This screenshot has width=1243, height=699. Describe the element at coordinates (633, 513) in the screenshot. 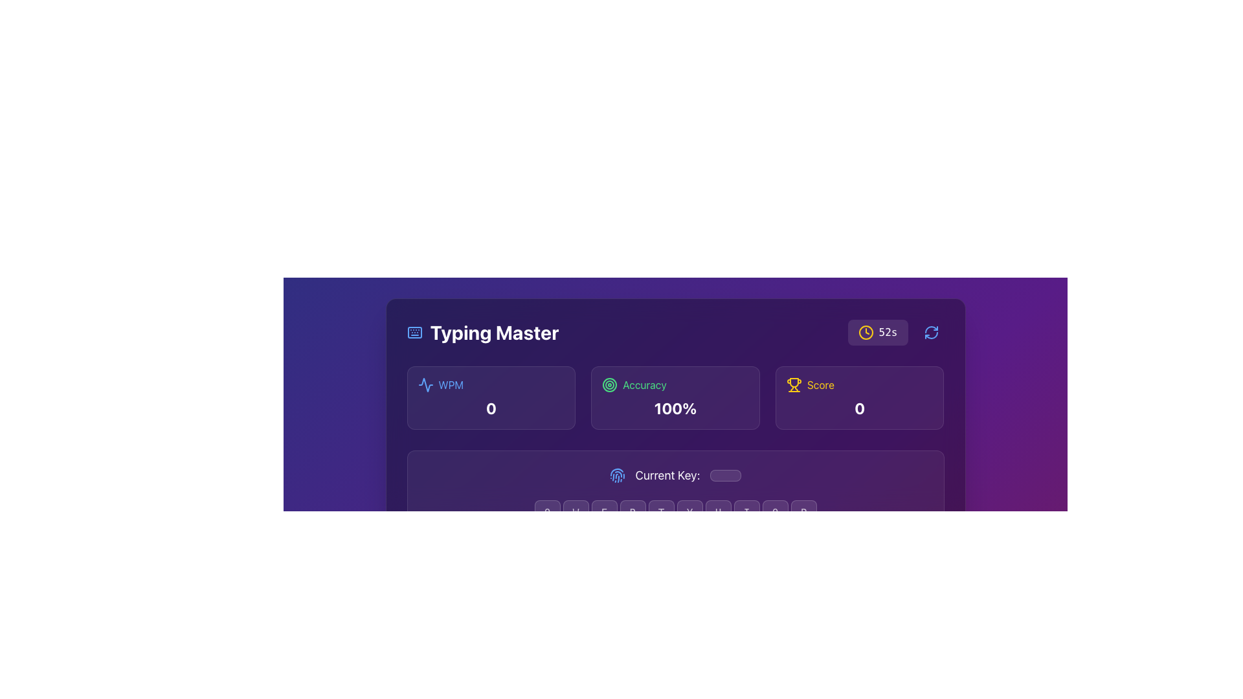

I see `the rectangular button displaying the letter 'R'` at that location.